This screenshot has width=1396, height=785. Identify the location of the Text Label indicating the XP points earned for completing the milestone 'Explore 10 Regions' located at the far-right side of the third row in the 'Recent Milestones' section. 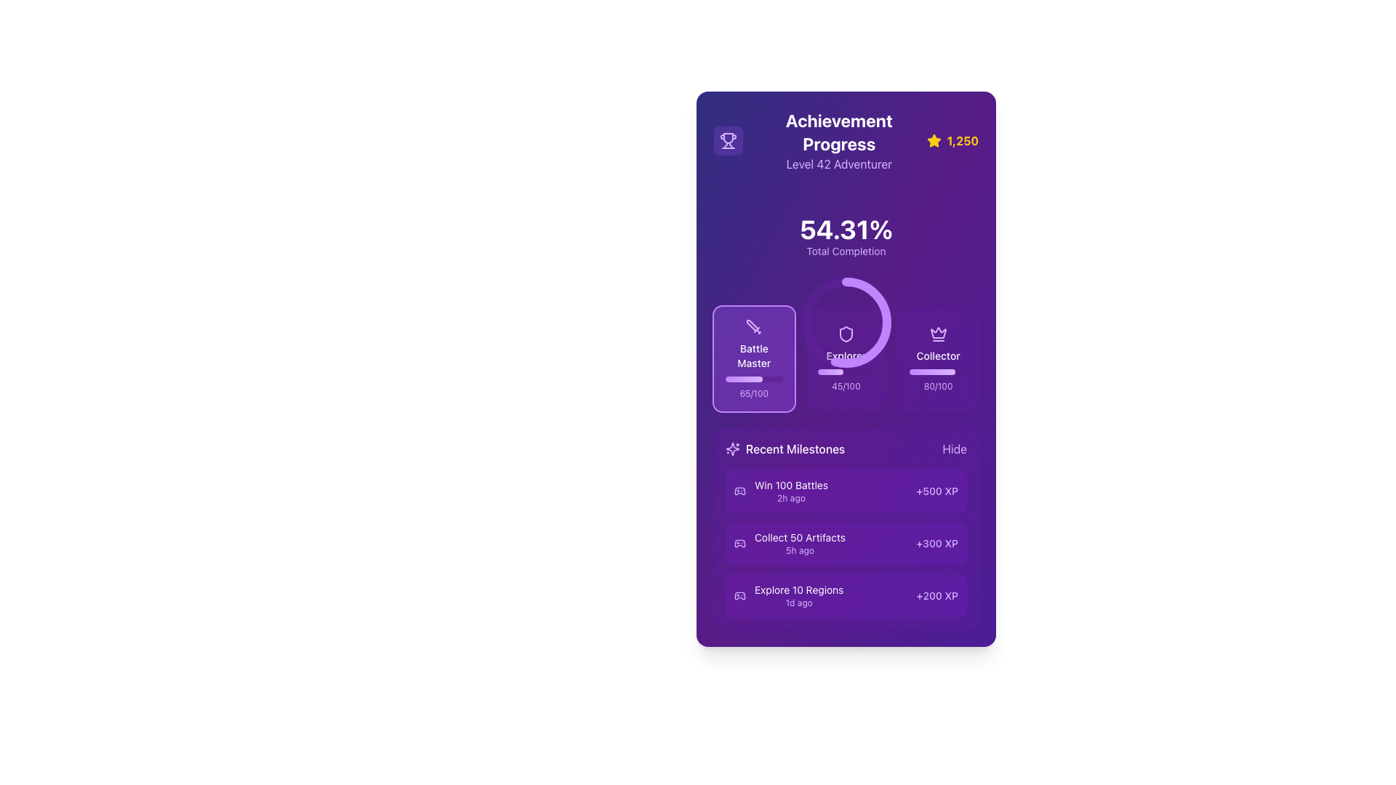
(937, 596).